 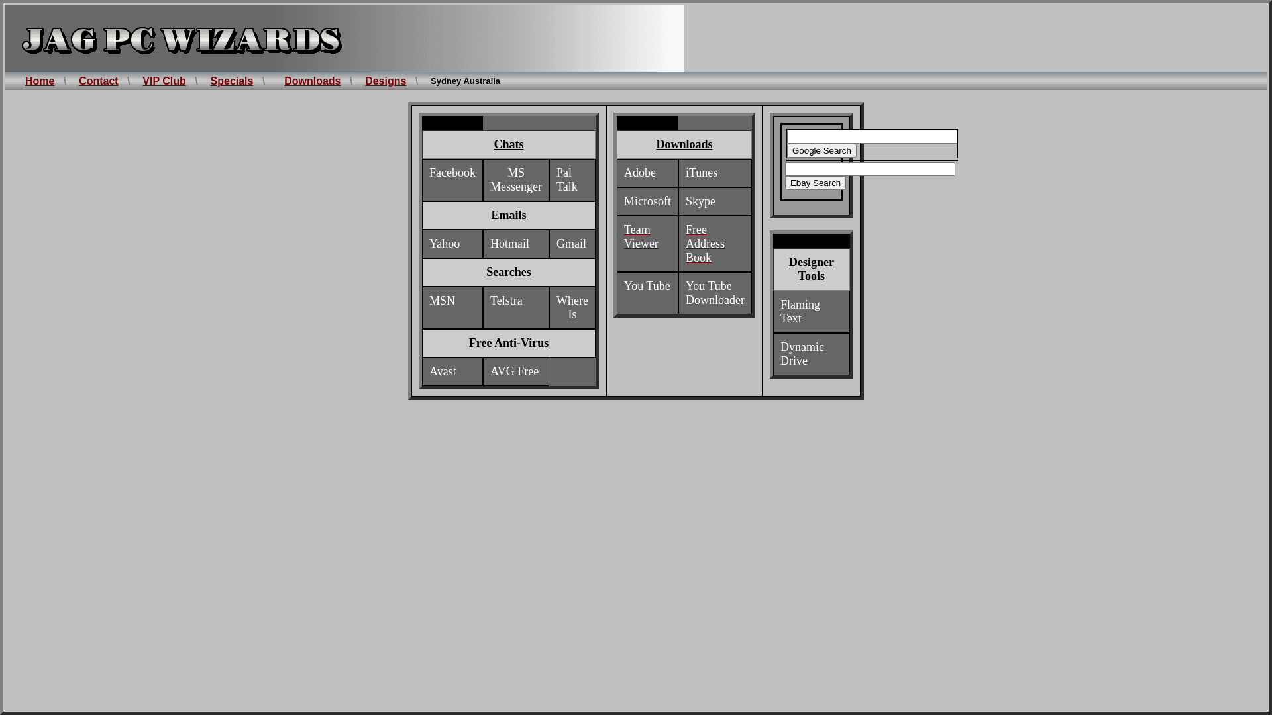 What do you see at coordinates (647, 285) in the screenshot?
I see `'You Tube'` at bounding box center [647, 285].